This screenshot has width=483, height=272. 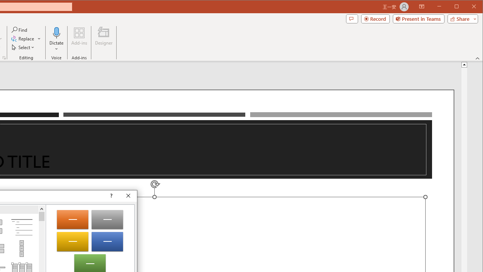 What do you see at coordinates (56, 32) in the screenshot?
I see `'Dictate'` at bounding box center [56, 32].